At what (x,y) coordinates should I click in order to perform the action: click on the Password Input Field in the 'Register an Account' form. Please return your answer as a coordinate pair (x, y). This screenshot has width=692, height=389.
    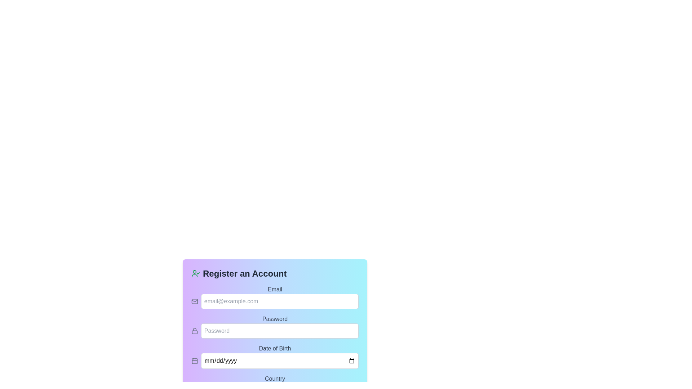
    Looking at the image, I should click on (275, 331).